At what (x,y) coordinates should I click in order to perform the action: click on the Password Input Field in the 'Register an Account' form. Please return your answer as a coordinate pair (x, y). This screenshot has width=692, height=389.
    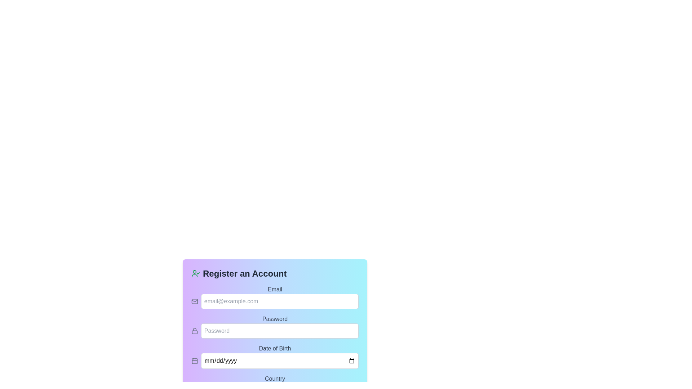
    Looking at the image, I should click on (275, 331).